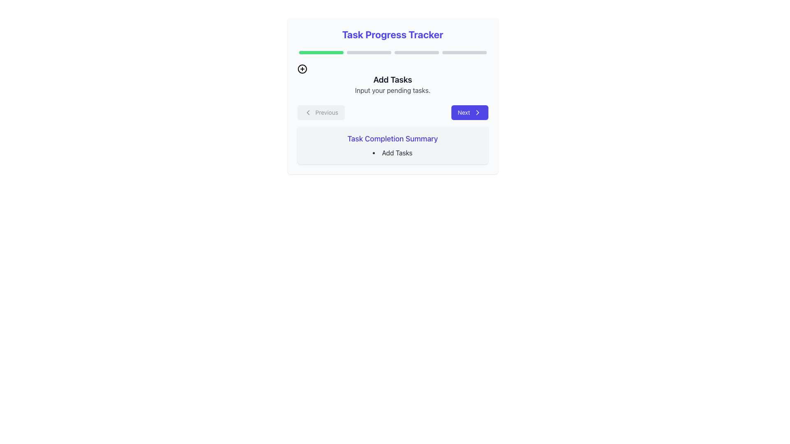 The height and width of the screenshot is (444, 790). I want to click on the left-pointing chevron arrow icon, which is part of the 'Previous' button, so click(307, 112).